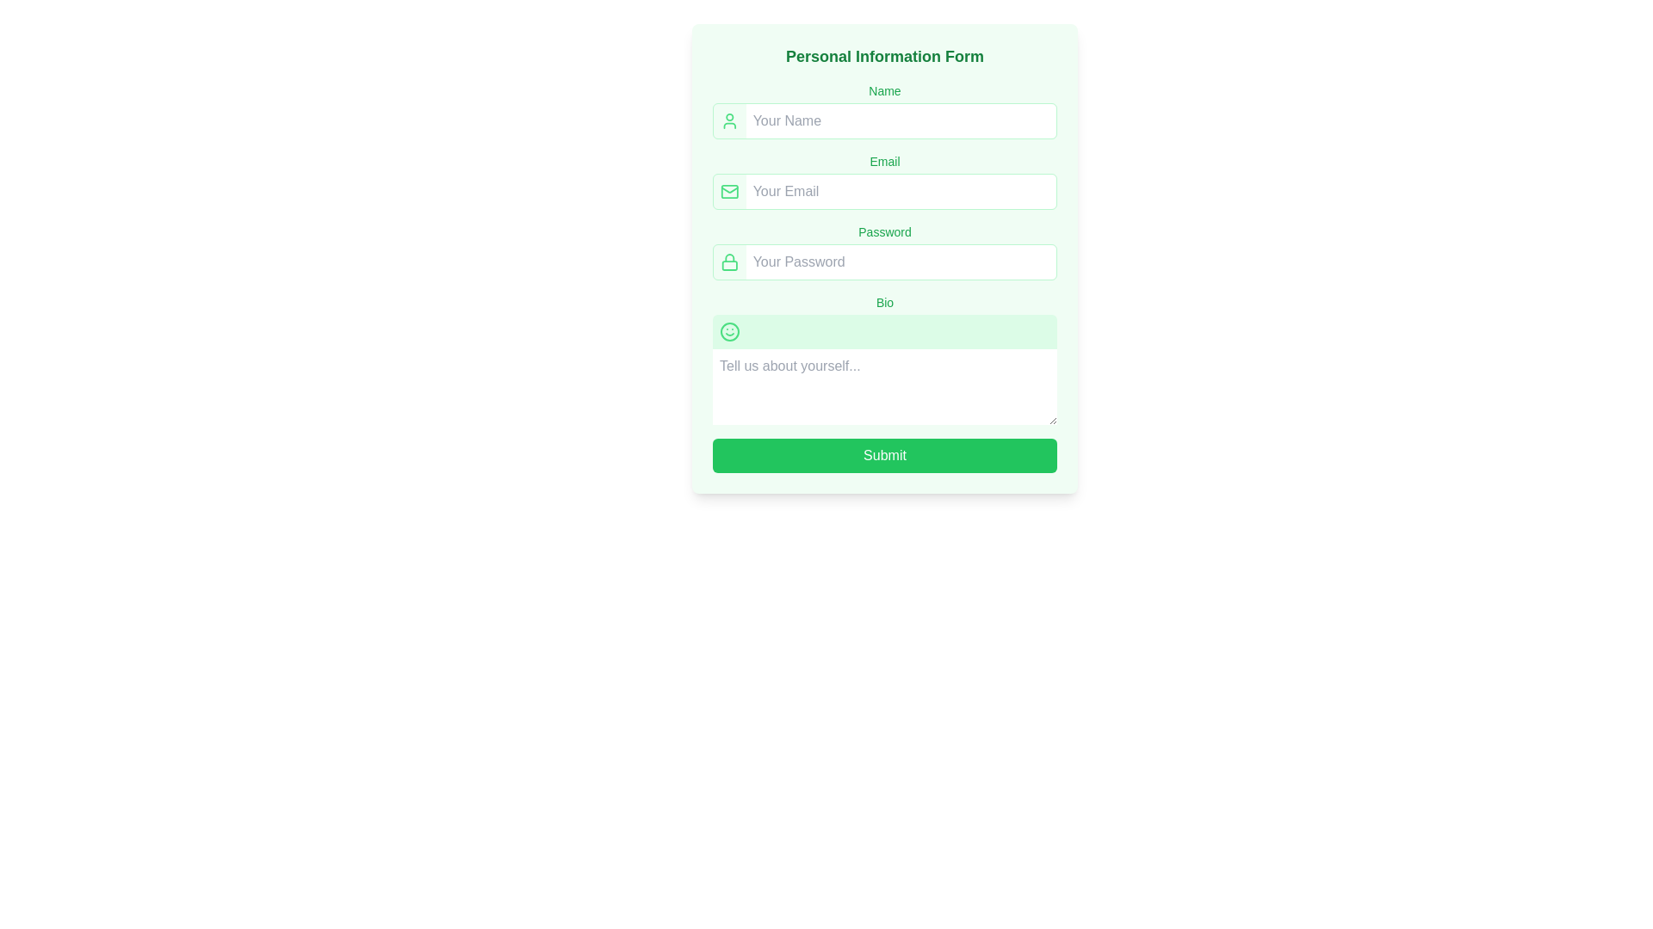 The height and width of the screenshot is (929, 1653). What do you see at coordinates (884, 454) in the screenshot?
I see `the 'Submit' button, which is a rectangular button with rounded corners, a solid green background, and white text, located at the bottom of the form` at bounding box center [884, 454].